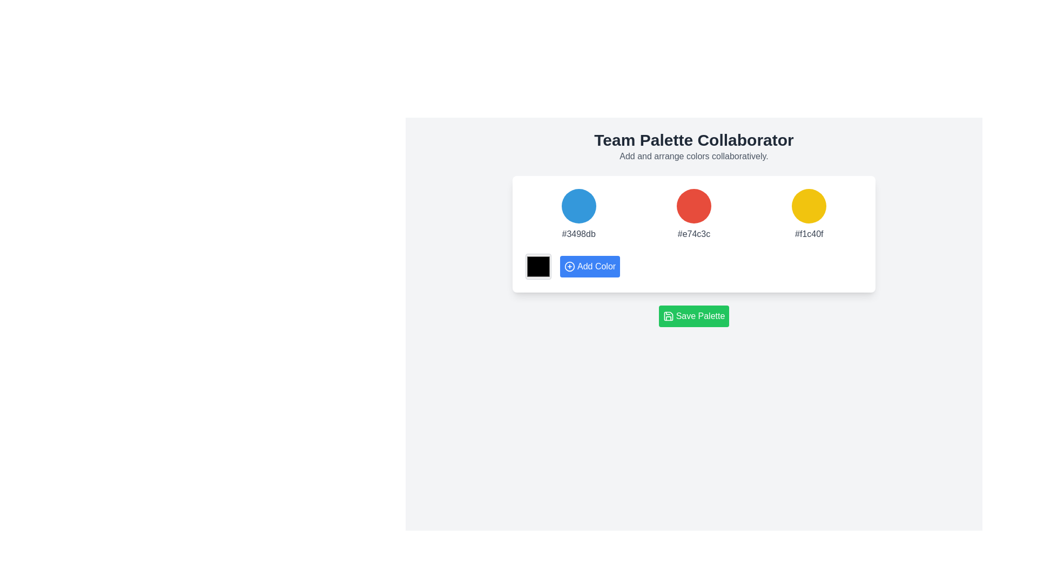 The height and width of the screenshot is (583, 1037). Describe the element at coordinates (578, 214) in the screenshot. I see `the blue circular color indicator in the Color selector item for detailed operations` at that location.